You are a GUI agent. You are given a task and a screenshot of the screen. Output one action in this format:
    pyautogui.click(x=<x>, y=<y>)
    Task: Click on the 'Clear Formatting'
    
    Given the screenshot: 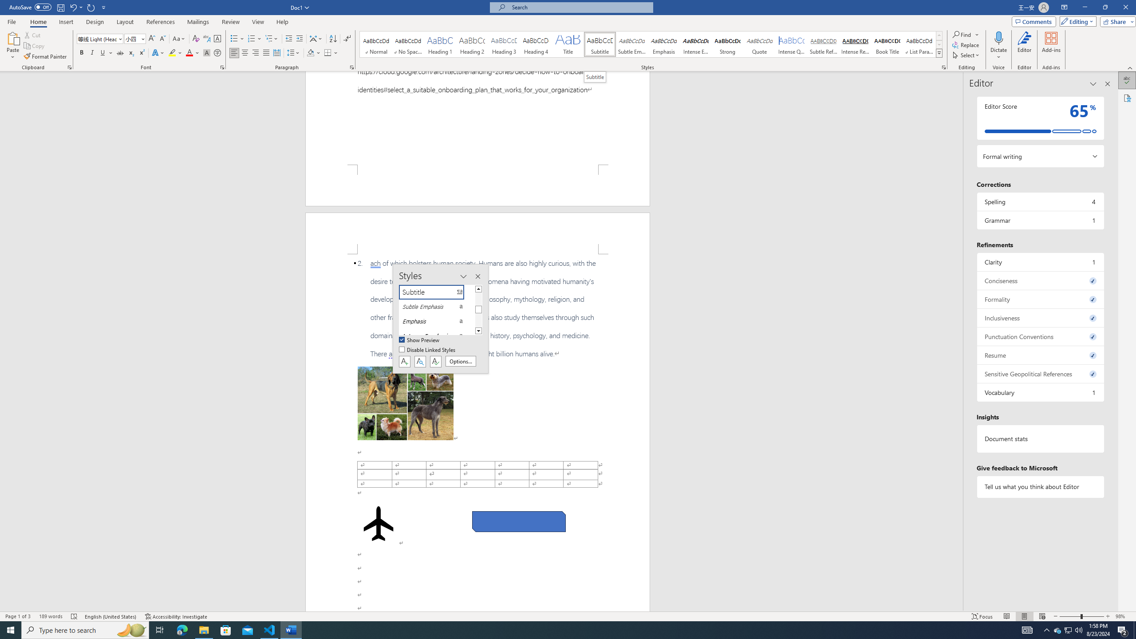 What is the action you would take?
    pyautogui.click(x=195, y=39)
    